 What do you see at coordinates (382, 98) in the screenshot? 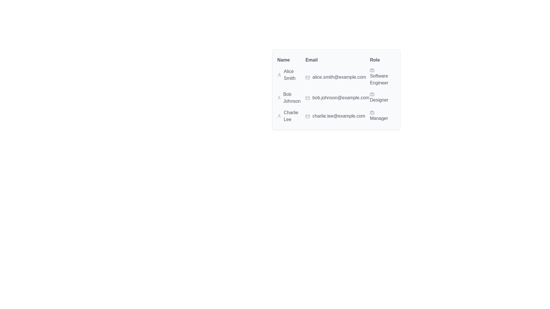
I see `the 'Designer' text label with the briefcase icon located in the 'Role' column of the table, specifically in the second row aligned with 'Bob Johnson'` at bounding box center [382, 98].